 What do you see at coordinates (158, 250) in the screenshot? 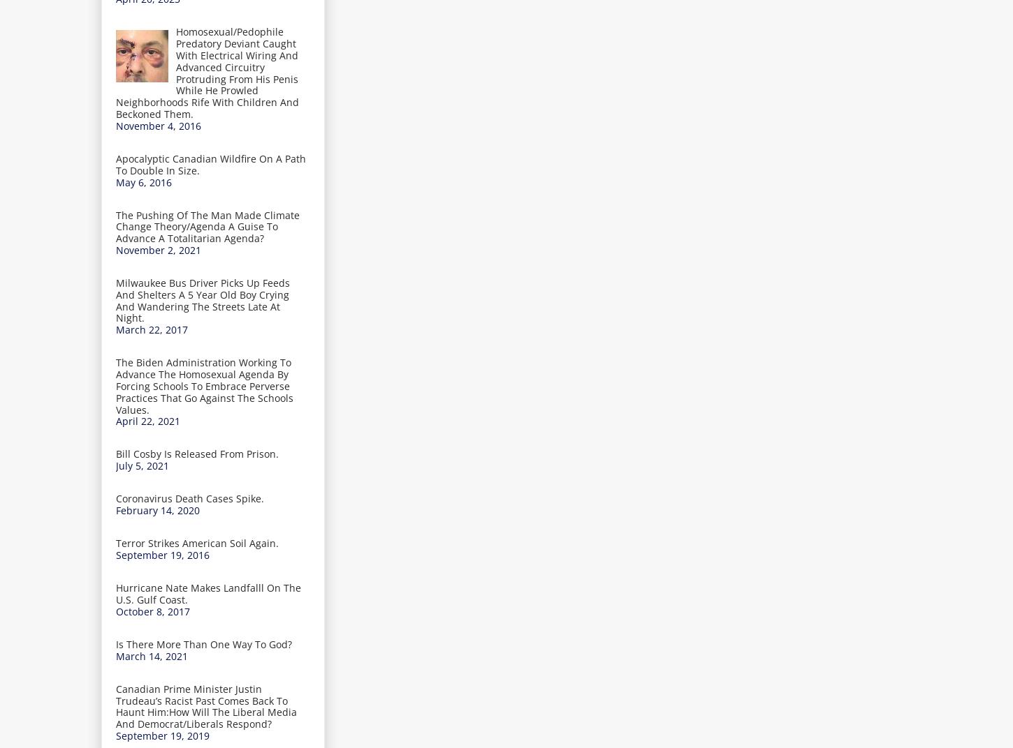
I see `'November 2, 2021'` at bounding box center [158, 250].